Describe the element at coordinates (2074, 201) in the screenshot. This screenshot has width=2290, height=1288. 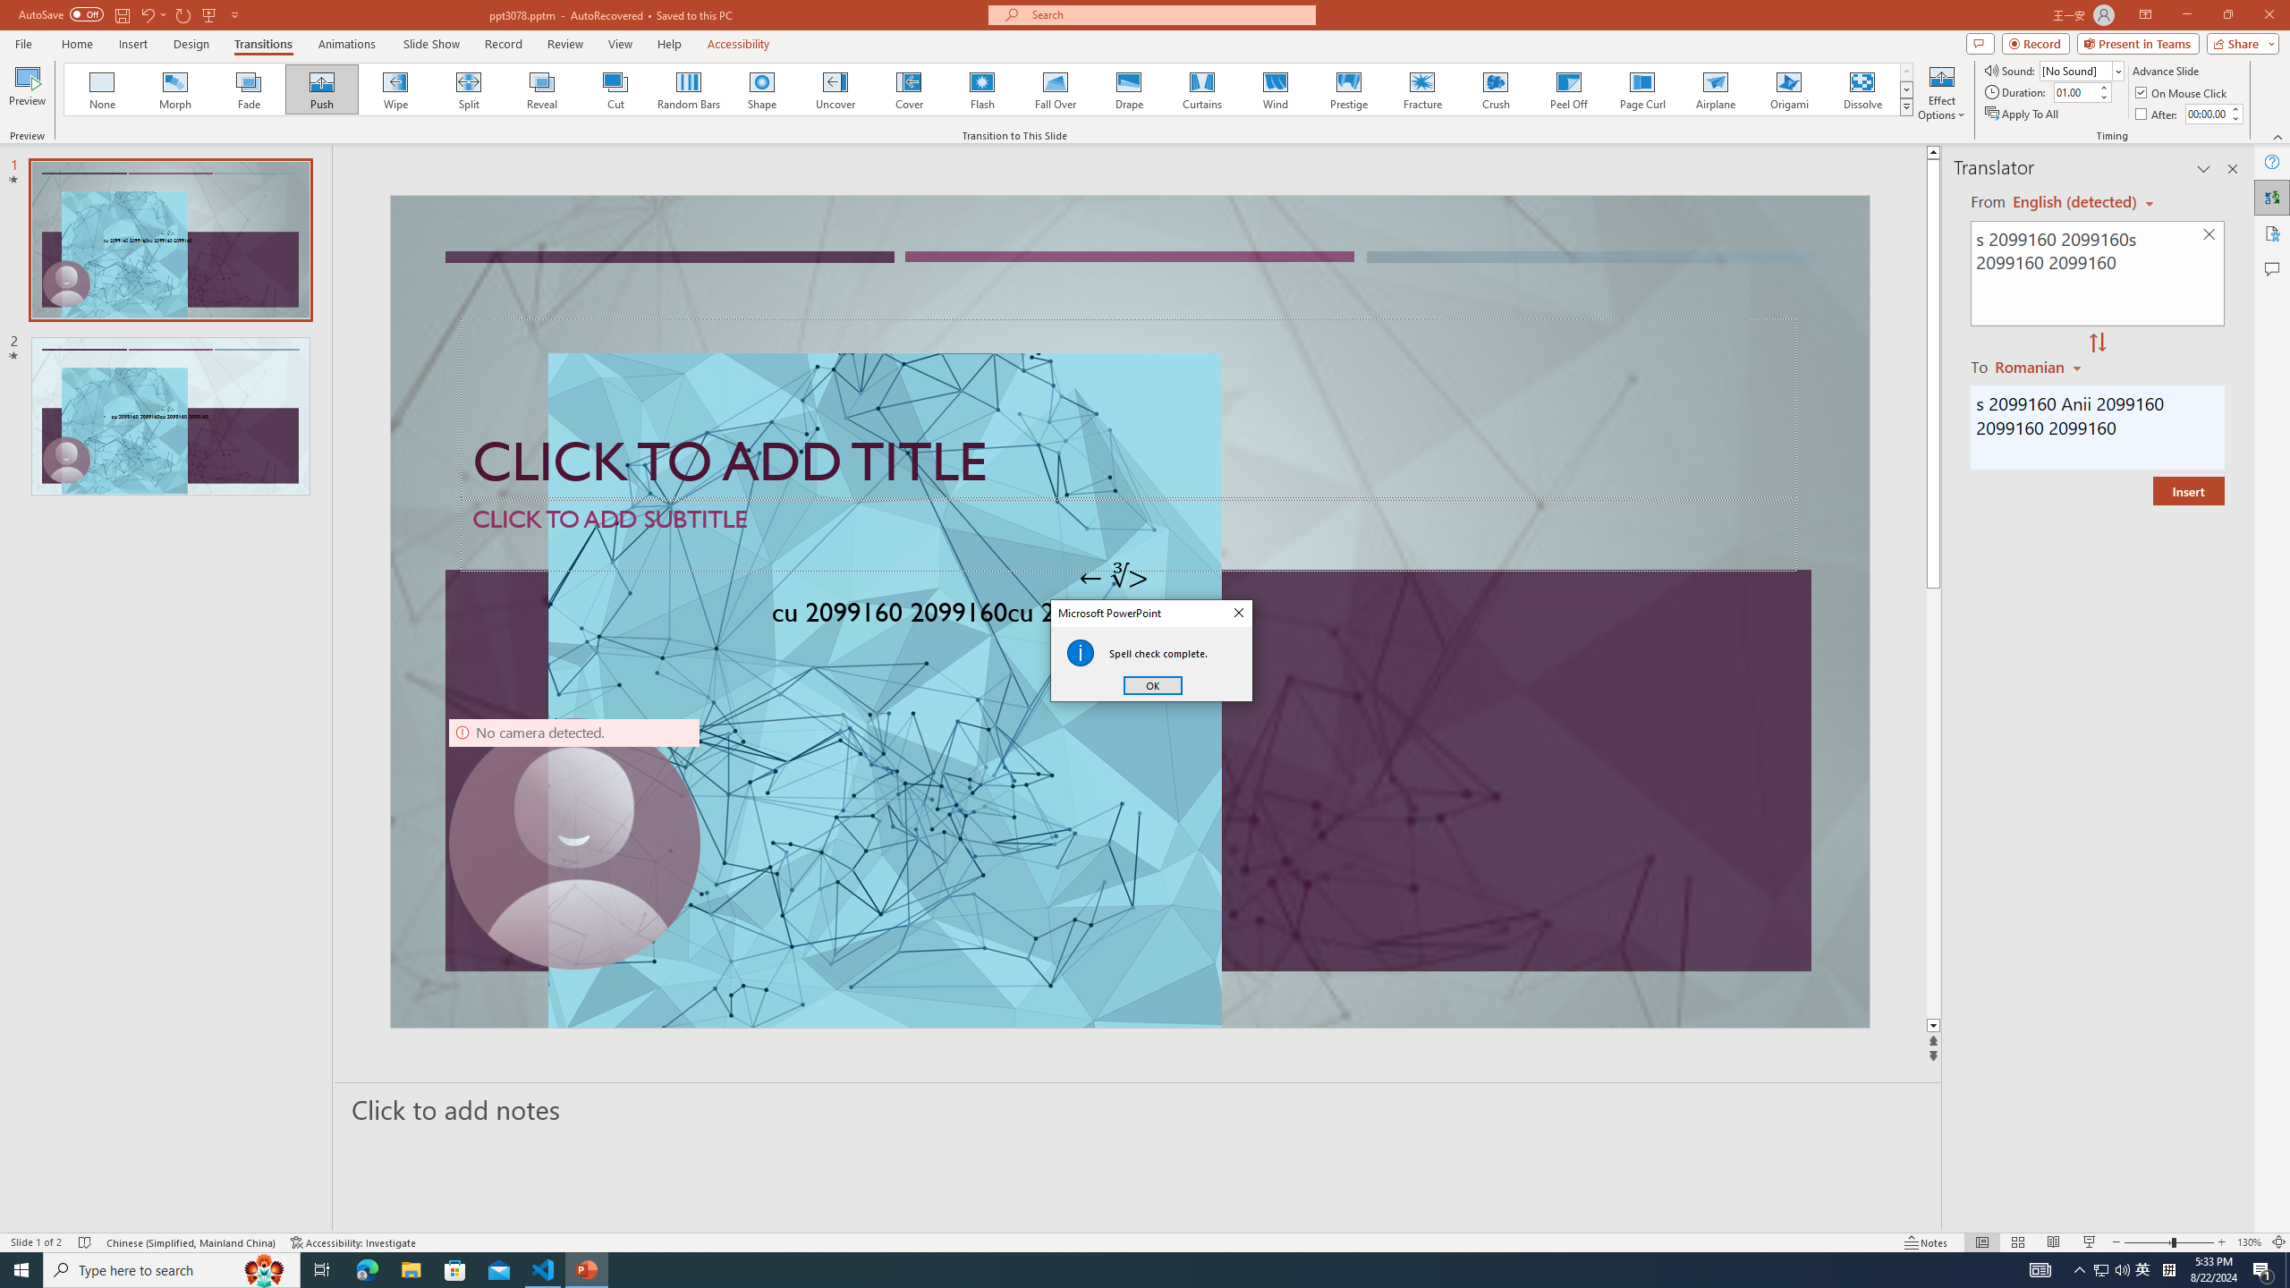
I see `'Czech (detected)'` at that location.